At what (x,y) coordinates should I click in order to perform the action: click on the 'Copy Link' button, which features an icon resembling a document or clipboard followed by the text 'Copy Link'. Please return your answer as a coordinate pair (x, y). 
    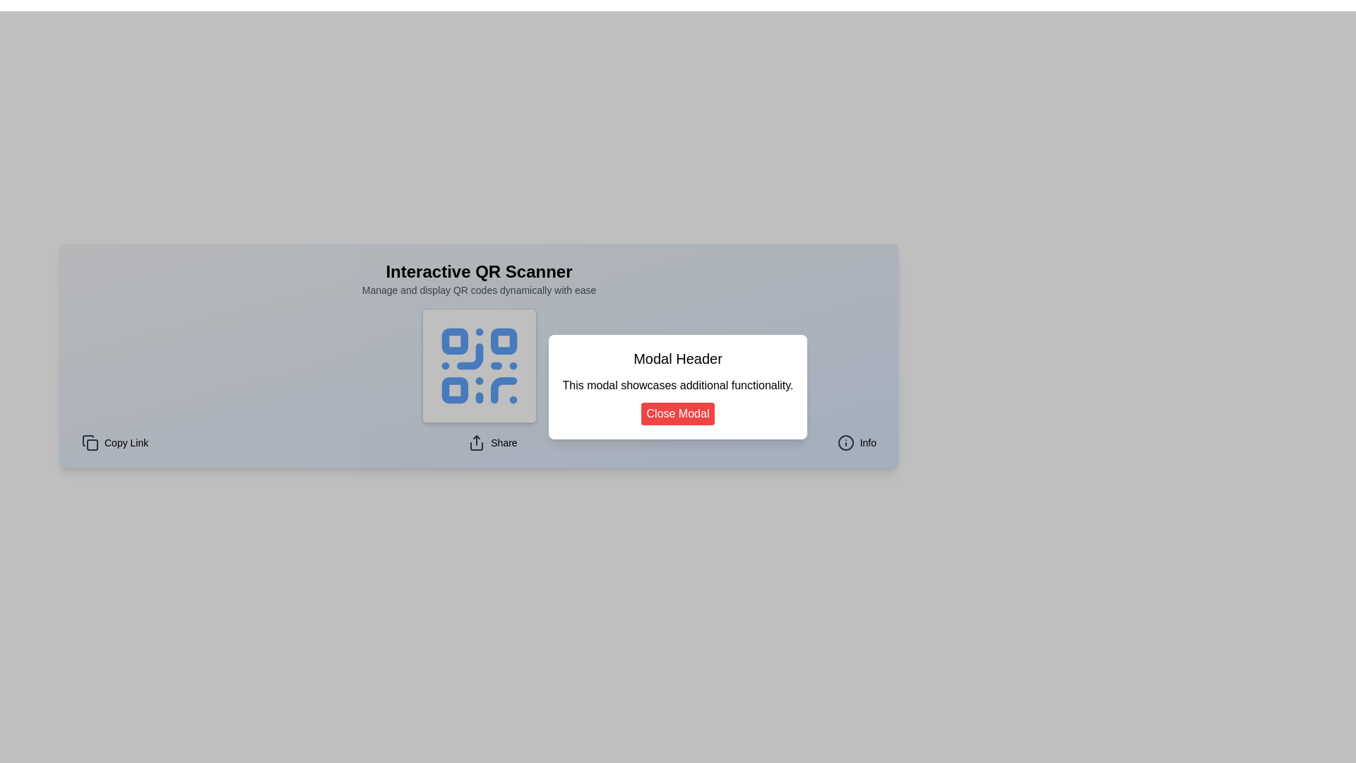
    Looking at the image, I should click on (115, 442).